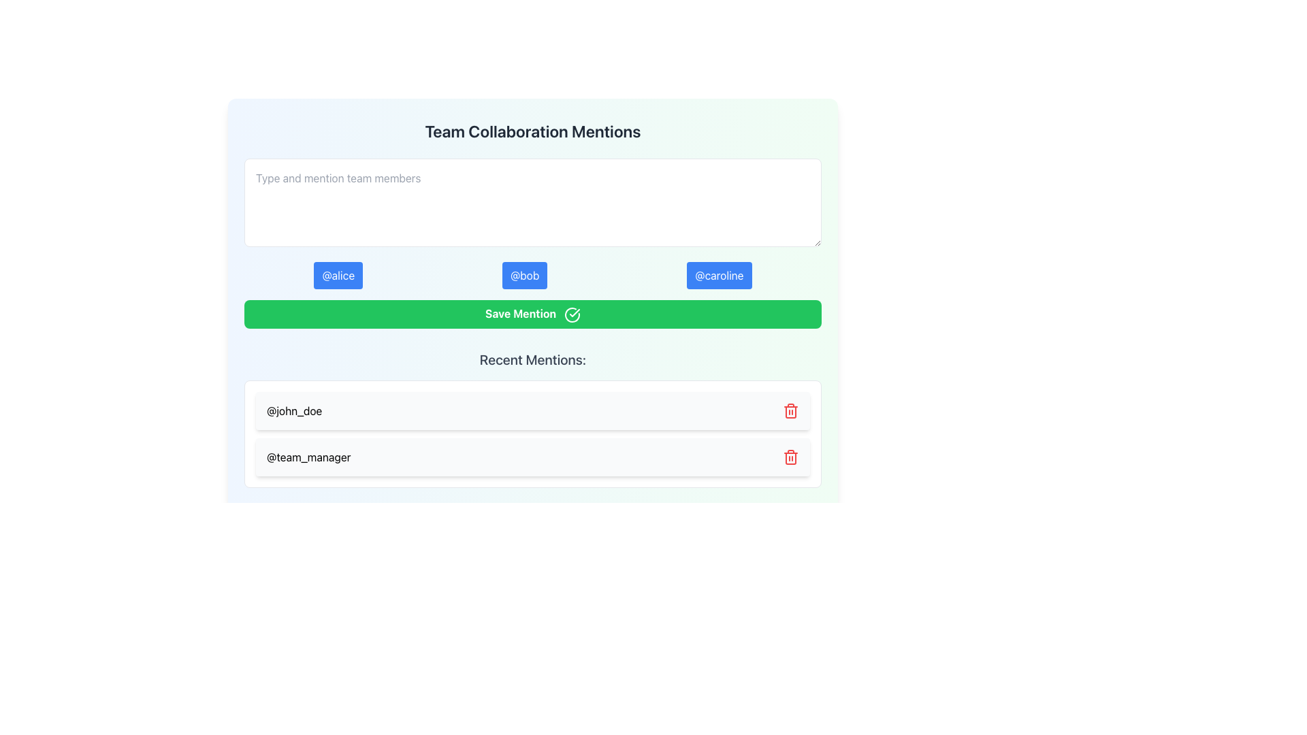  Describe the element at coordinates (790, 410) in the screenshot. I see `the deletion icon button for reordering, which is positioned` at that location.